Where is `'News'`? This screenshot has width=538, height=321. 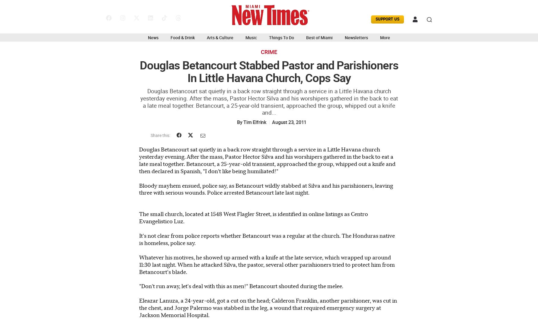
'News' is located at coordinates (153, 38).